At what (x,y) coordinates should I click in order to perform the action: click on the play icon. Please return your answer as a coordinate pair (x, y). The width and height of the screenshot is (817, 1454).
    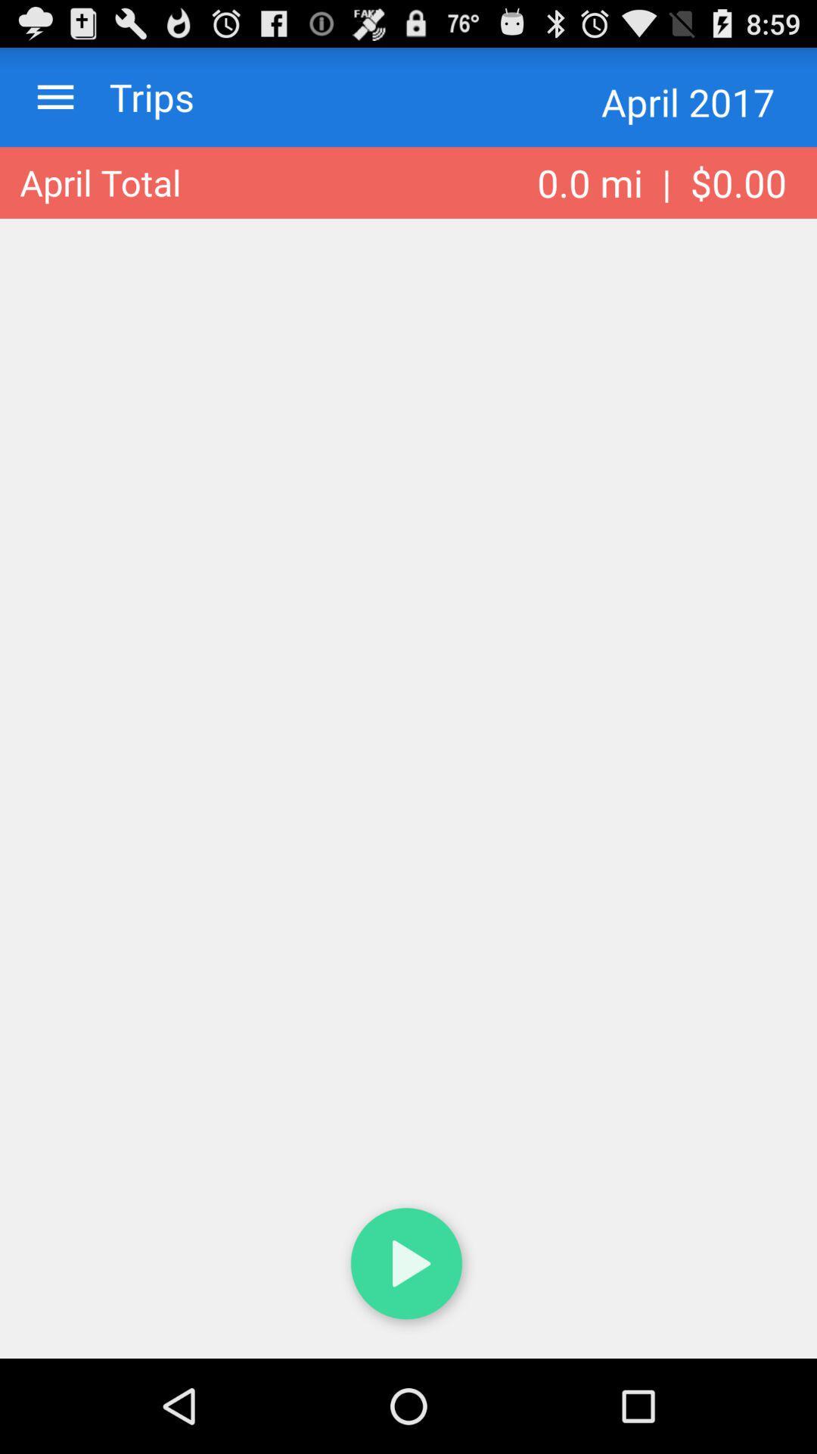
    Looking at the image, I should click on (408, 1356).